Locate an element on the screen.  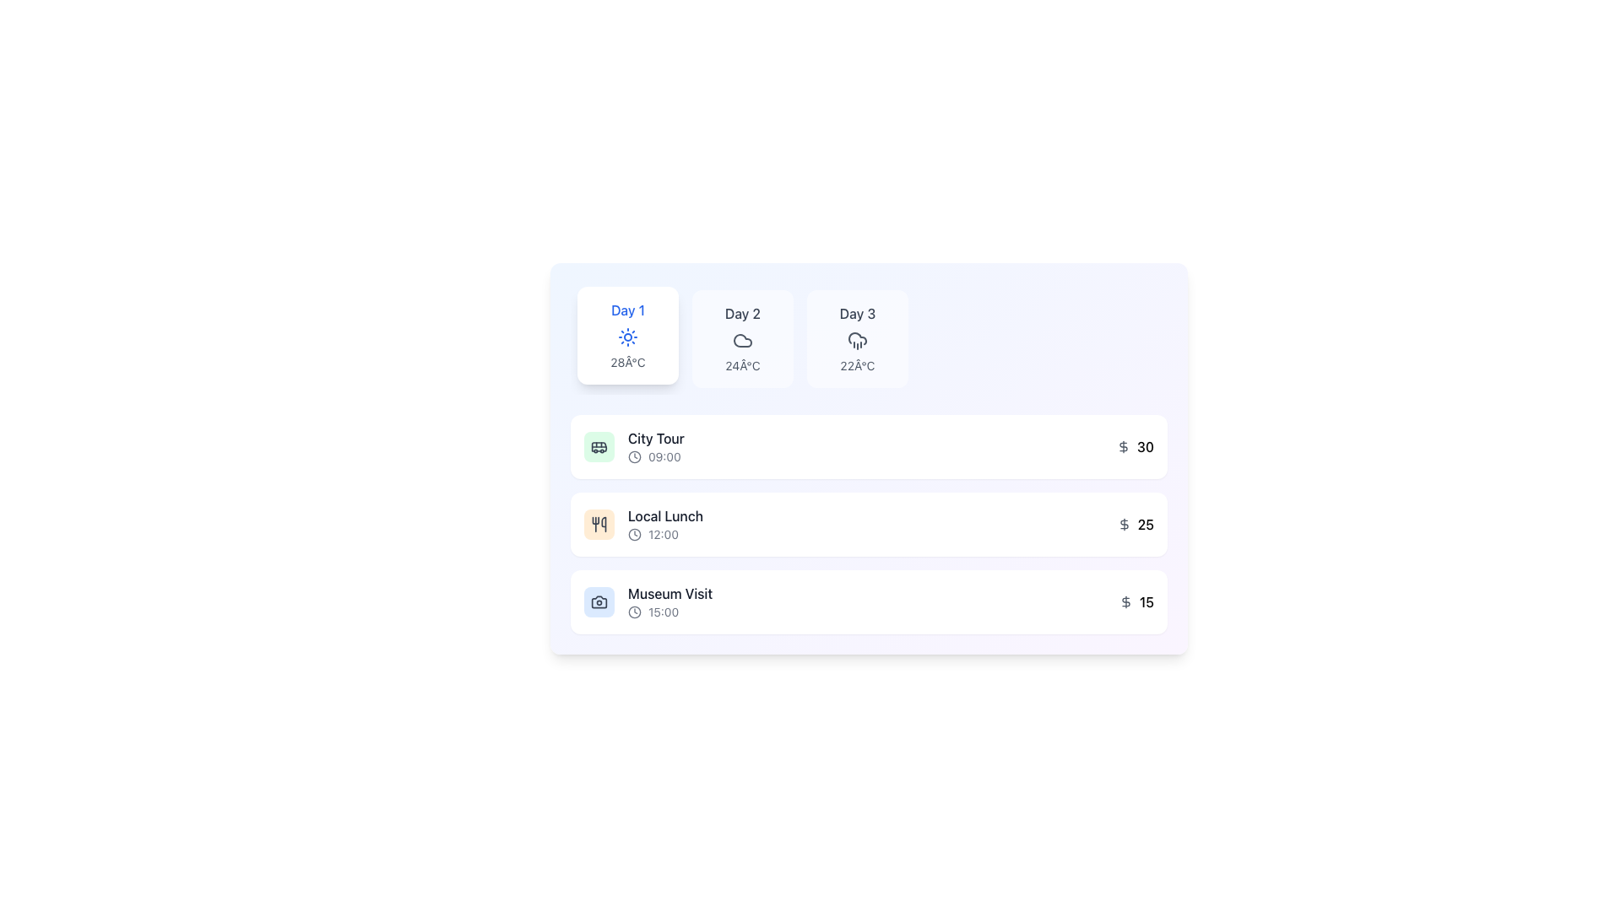
the 'City Tour' text label with the green bus icon, which represents a schedule entry at 09:00 is located at coordinates (655, 445).